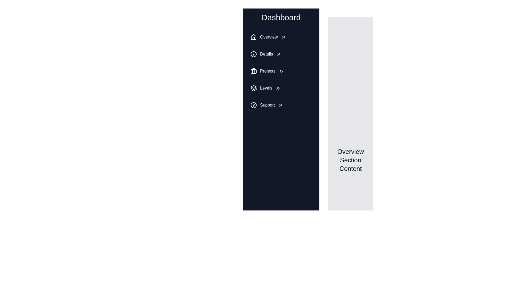 The height and width of the screenshot is (287, 510). I want to click on the small monochrome briefcase icon located in the 'Projects' menu item on the left-side navigation panel, so click(253, 71).